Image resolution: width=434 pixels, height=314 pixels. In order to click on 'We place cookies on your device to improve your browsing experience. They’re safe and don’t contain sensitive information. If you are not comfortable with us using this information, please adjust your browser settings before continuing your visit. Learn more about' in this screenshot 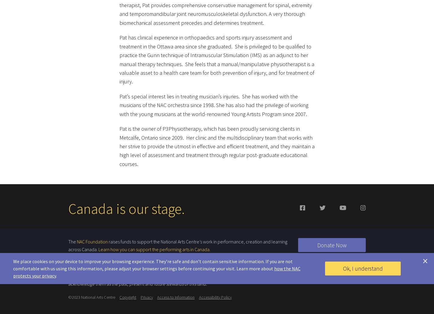, I will do `click(152, 264)`.